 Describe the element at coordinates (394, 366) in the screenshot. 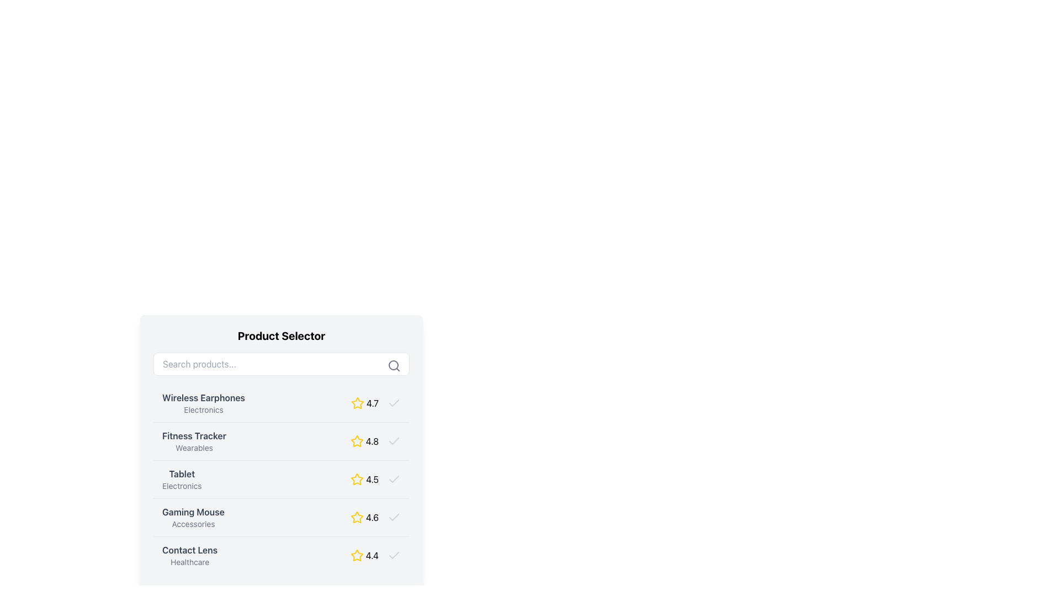

I see `the search icon located at the far right inside the text input field of the 'Product Selector' interface to initiate a search` at that location.